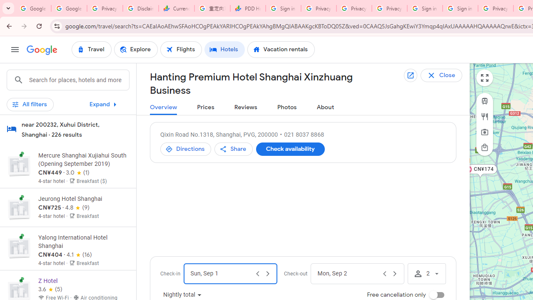 Image resolution: width=533 pixels, height=300 pixels. I want to click on 'Areas for dining', so click(485, 116).